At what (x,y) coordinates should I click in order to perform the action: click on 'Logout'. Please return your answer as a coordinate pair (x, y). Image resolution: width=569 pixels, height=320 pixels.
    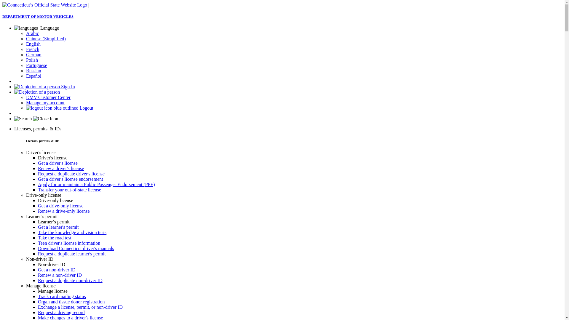
    Looking at the image, I should click on (60, 108).